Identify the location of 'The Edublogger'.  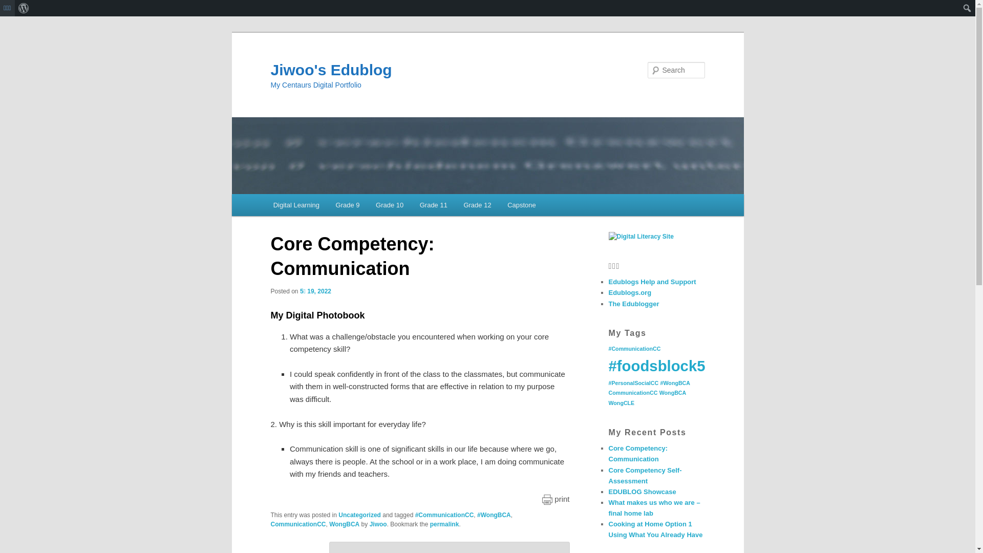
(633, 303).